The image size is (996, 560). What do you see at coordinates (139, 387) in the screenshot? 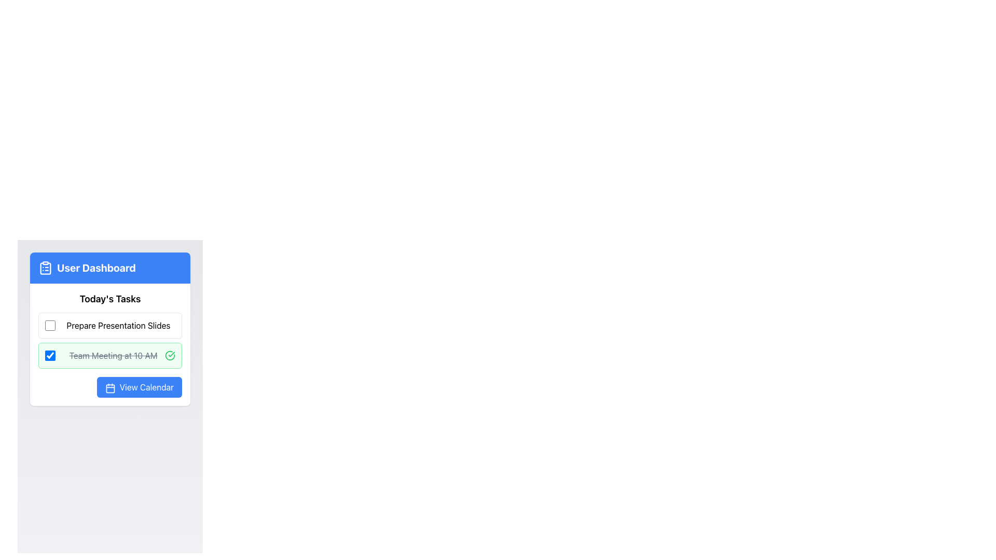
I see `the blue, rounded rectangular button labeled 'View Calendar' located in the 'Today's Tasks' section of the User Dashboard` at bounding box center [139, 387].